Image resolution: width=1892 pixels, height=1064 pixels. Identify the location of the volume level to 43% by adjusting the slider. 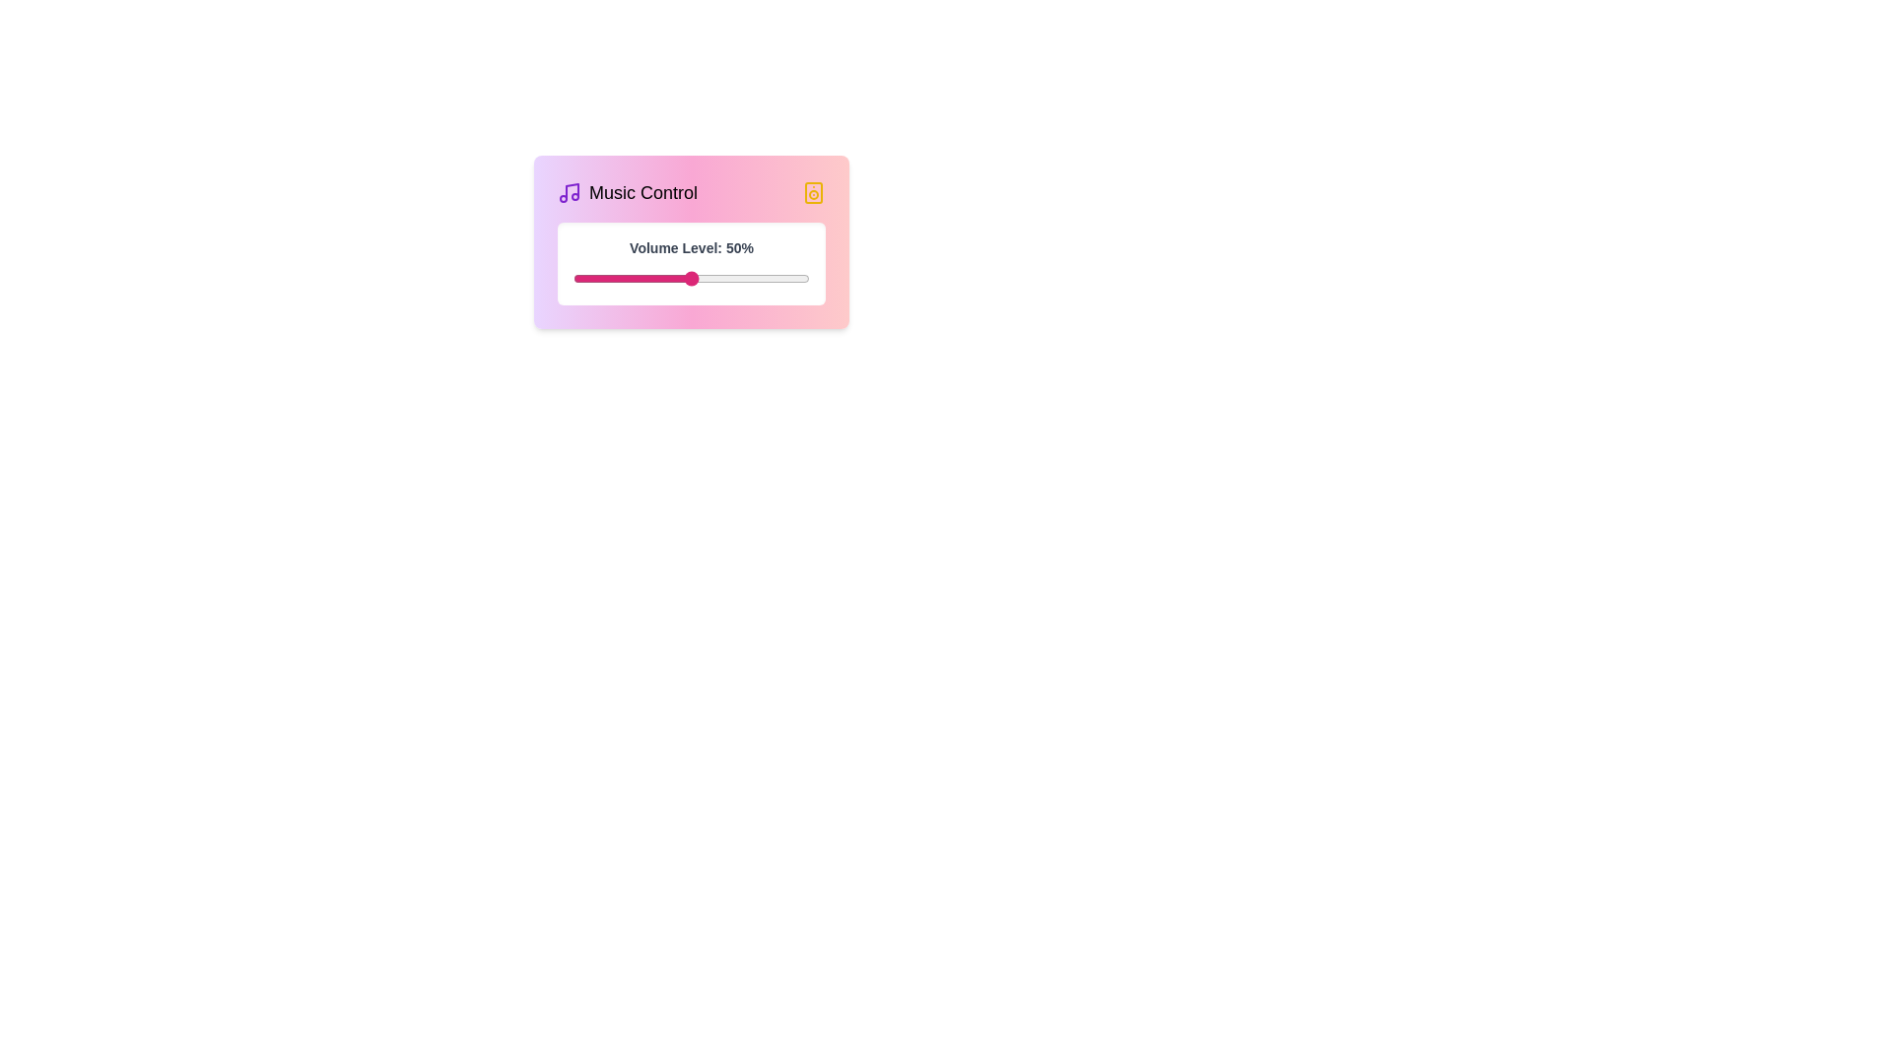
(675, 278).